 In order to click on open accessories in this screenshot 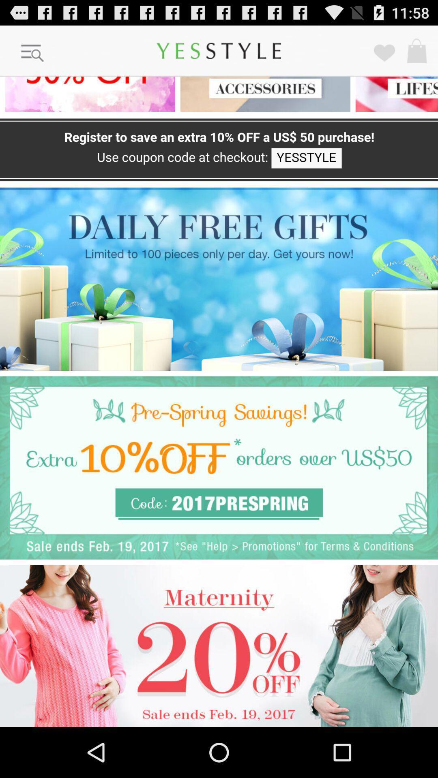, I will do `click(263, 94)`.